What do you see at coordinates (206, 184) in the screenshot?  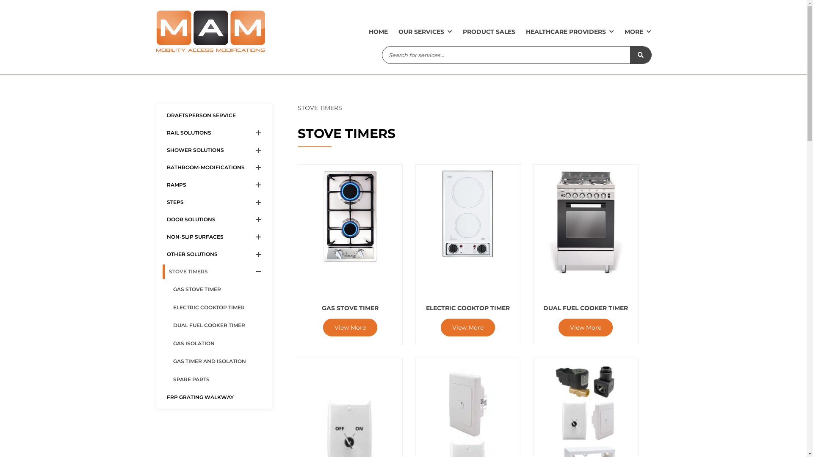 I see `'RAMPS'` at bounding box center [206, 184].